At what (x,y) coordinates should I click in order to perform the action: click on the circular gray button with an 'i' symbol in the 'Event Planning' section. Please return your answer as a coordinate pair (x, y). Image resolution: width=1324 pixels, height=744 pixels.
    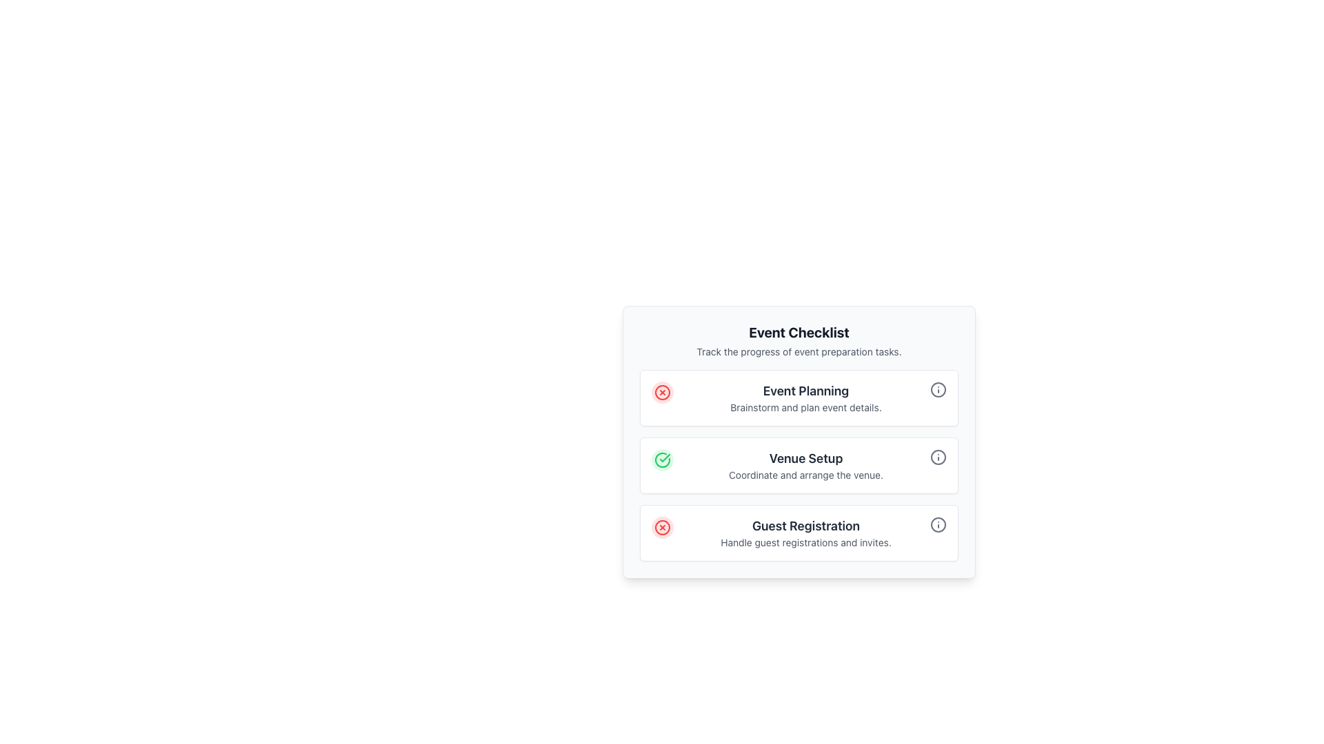
    Looking at the image, I should click on (938, 390).